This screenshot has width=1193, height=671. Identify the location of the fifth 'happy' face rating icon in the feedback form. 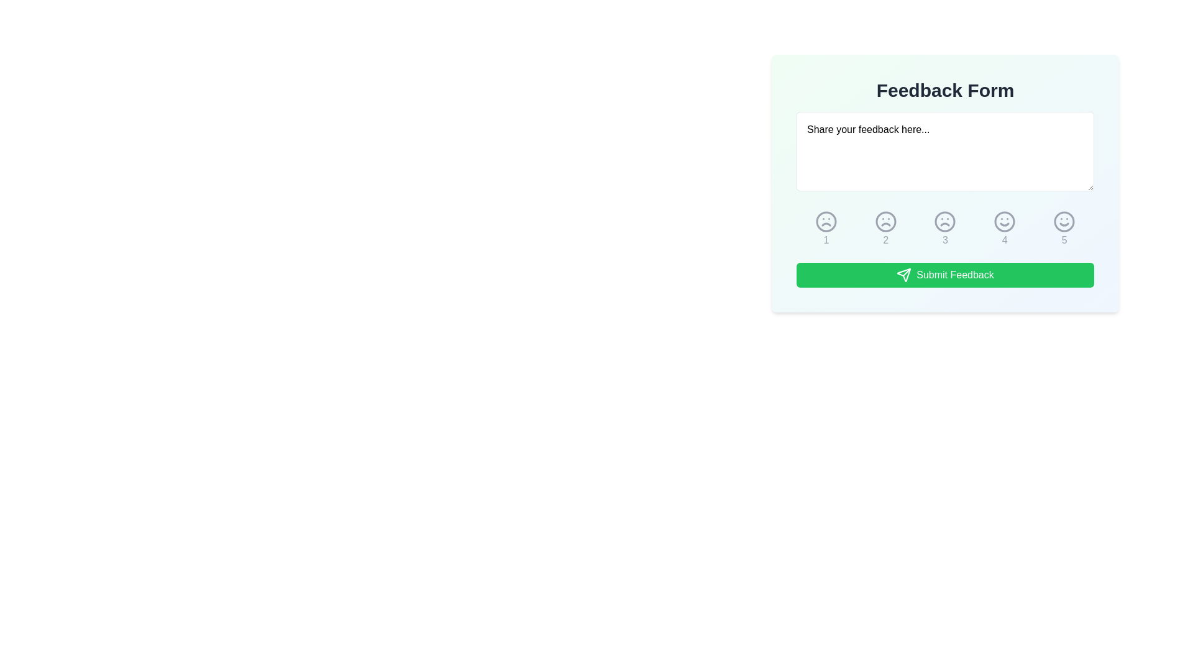
(1064, 221).